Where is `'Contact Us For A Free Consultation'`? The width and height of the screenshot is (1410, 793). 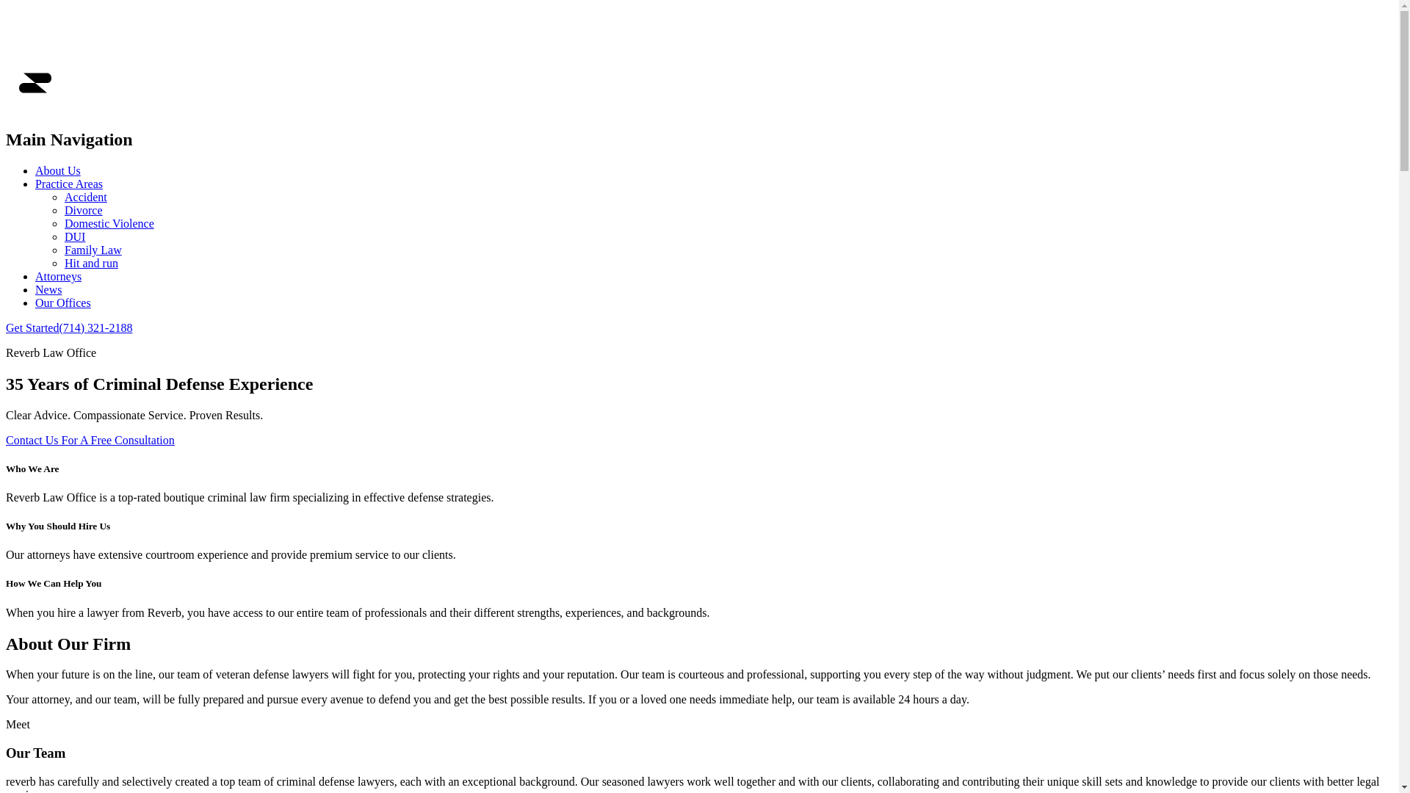 'Contact Us For A Free Consultation' is located at coordinates (90, 439).